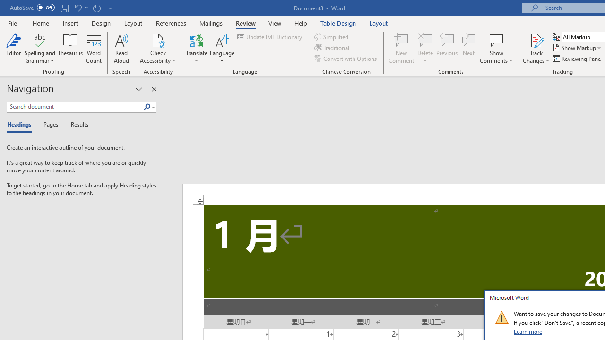 The height and width of the screenshot is (340, 605). Describe the element at coordinates (425, 40) in the screenshot. I see `'Delete'` at that location.